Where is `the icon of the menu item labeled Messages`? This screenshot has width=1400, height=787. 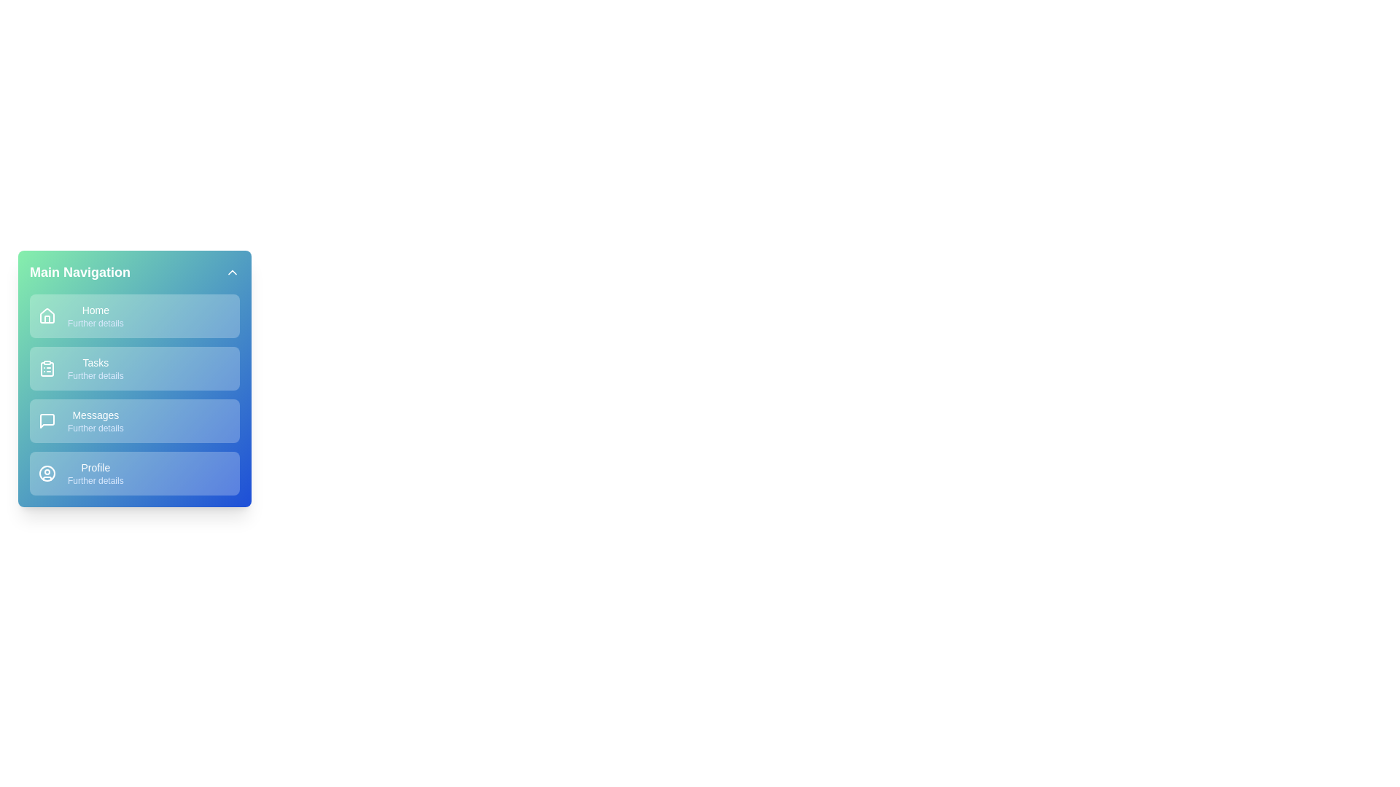
the icon of the menu item labeled Messages is located at coordinates (47, 421).